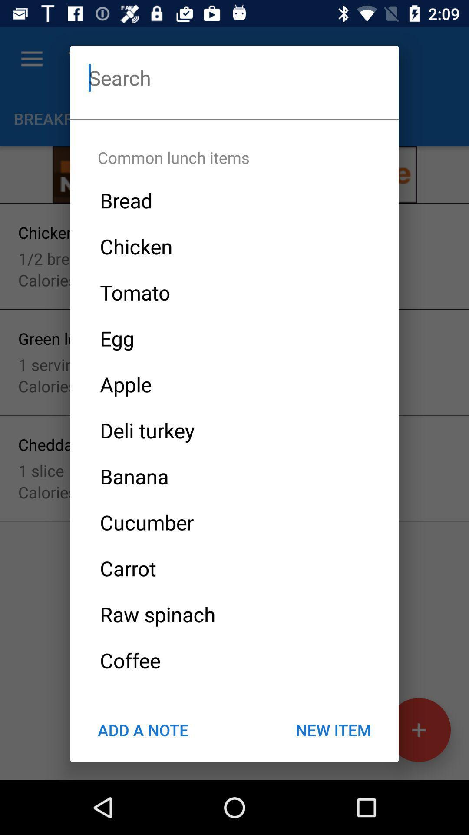 This screenshot has height=835, width=469. What do you see at coordinates (234, 77) in the screenshot?
I see `search option` at bounding box center [234, 77].